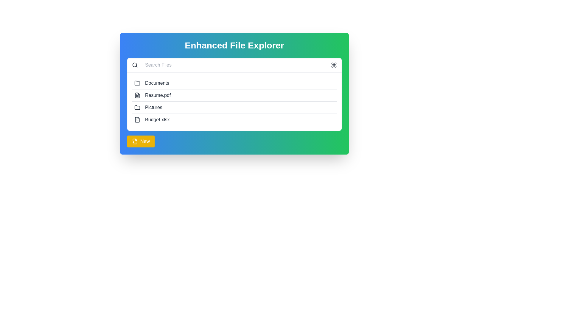 The height and width of the screenshot is (321, 572). Describe the element at coordinates (141, 141) in the screenshot. I see `the interactive button located in the blue-to-green gradient box at the bottom left corner to create a new file` at that location.